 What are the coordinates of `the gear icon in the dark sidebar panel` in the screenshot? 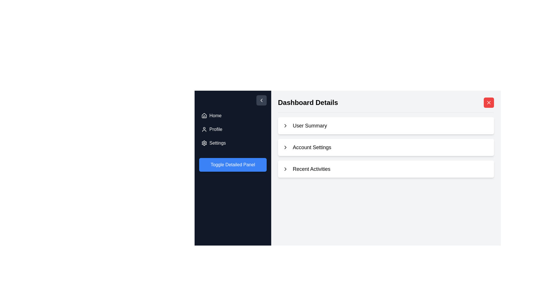 It's located at (204, 143).